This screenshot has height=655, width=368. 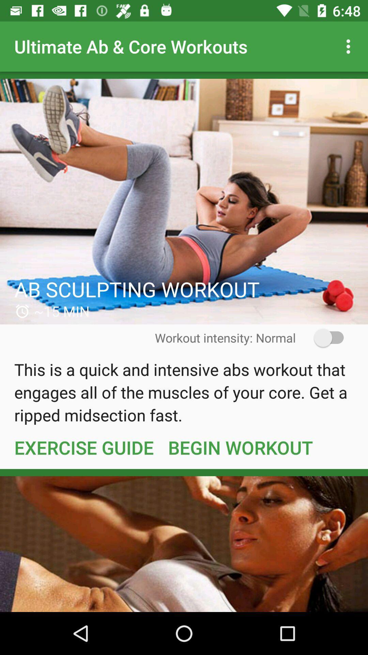 I want to click on the exercise guide item, so click(x=83, y=447).